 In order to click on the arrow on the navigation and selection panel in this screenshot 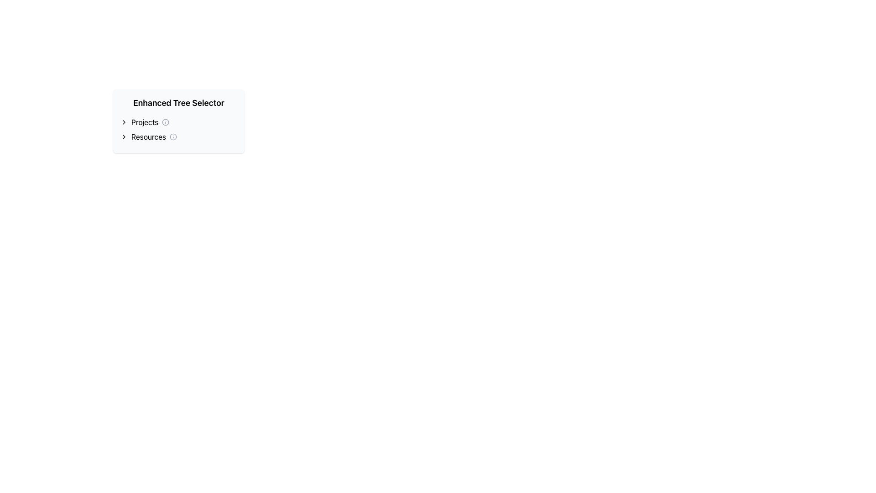, I will do `click(179, 121)`.